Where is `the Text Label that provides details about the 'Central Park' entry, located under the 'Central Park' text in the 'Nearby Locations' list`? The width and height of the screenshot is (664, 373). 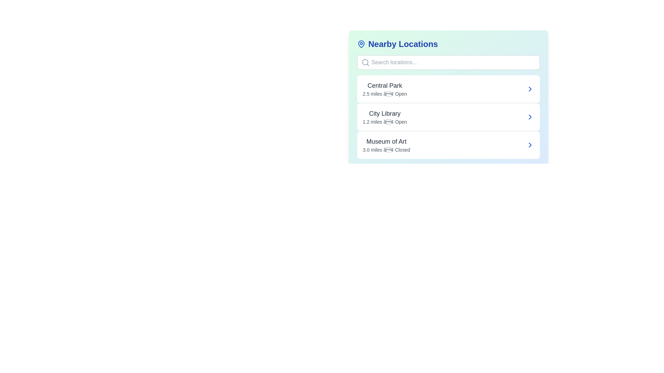
the Text Label that provides details about the 'Central Park' entry, located under the 'Central Park' text in the 'Nearby Locations' list is located at coordinates (384, 94).